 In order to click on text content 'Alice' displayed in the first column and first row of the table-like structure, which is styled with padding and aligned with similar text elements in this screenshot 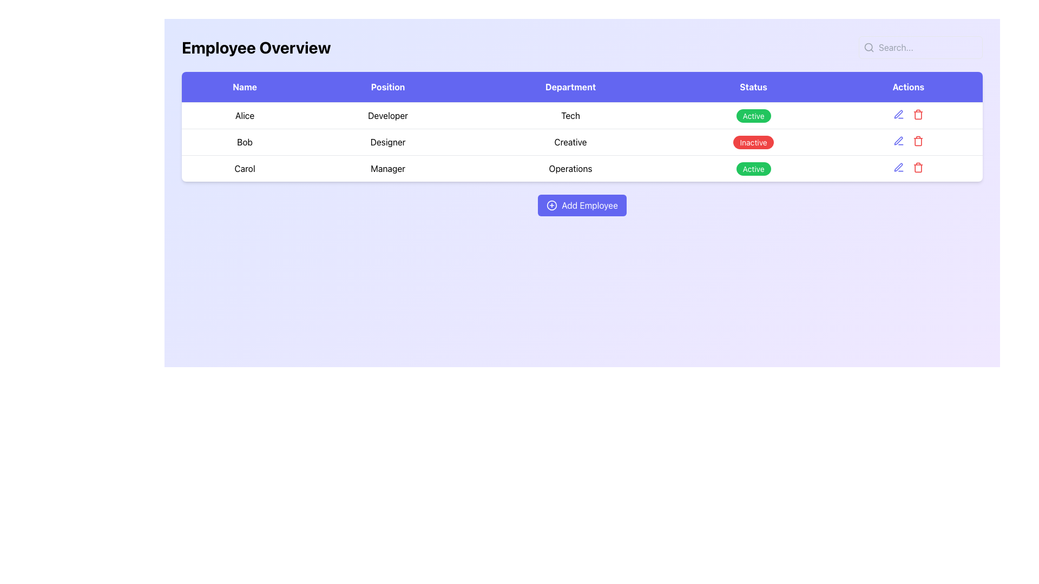, I will do `click(244, 115)`.